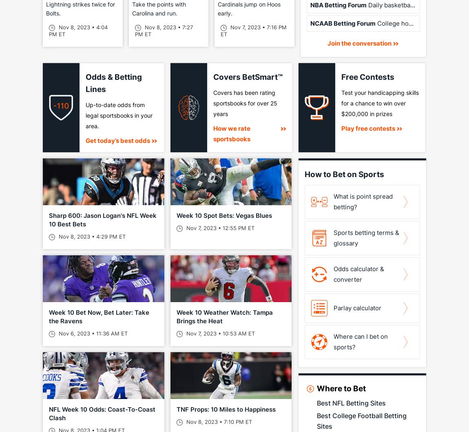 The image size is (469, 432). I want to click on 'NCAAB Betting Forum', so click(342, 23).